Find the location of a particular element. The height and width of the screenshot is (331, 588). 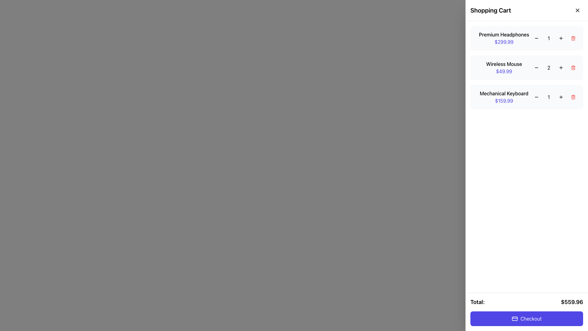

the text label displaying 'Mechanical Keyboard' in the shopping cart is located at coordinates (504, 93).